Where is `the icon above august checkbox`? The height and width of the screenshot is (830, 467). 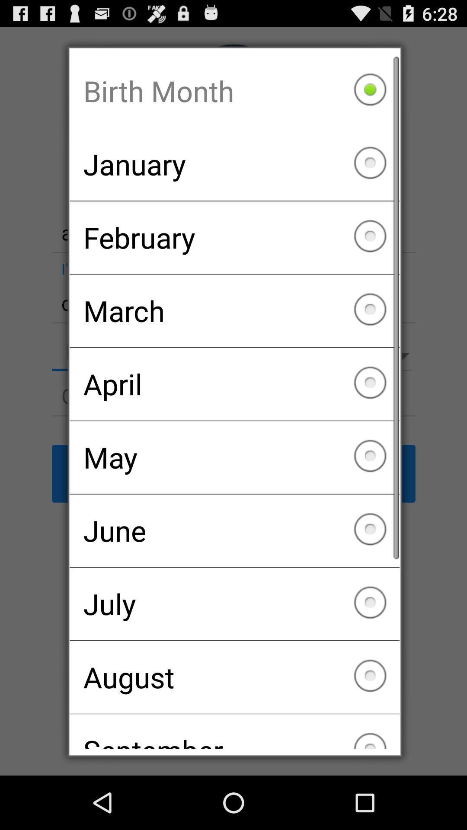 the icon above august checkbox is located at coordinates (234, 603).